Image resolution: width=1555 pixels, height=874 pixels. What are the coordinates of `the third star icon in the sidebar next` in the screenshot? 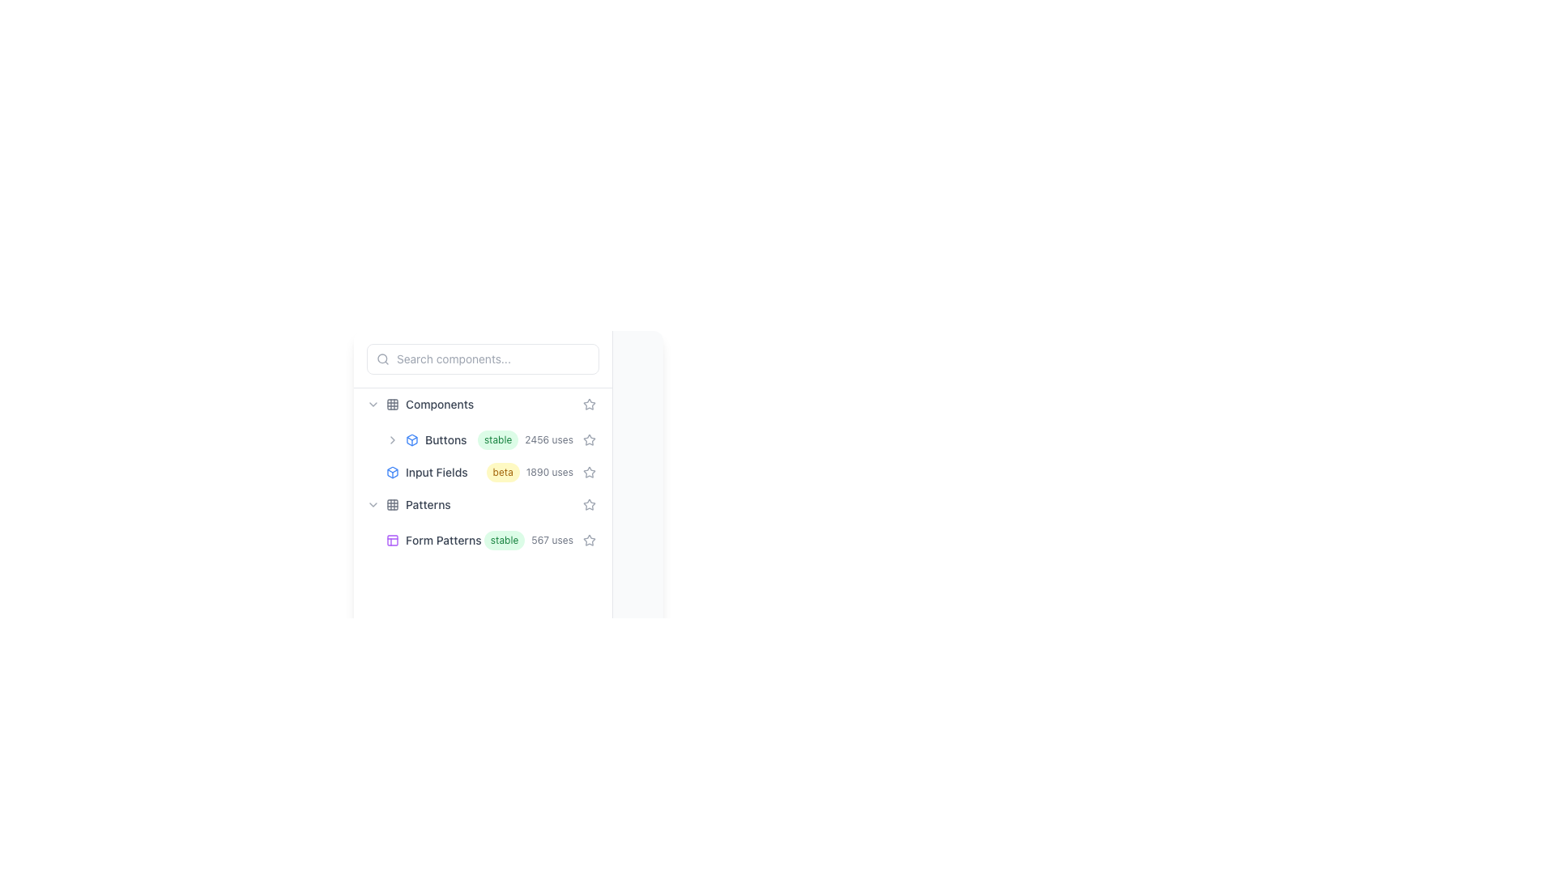 It's located at (589, 503).